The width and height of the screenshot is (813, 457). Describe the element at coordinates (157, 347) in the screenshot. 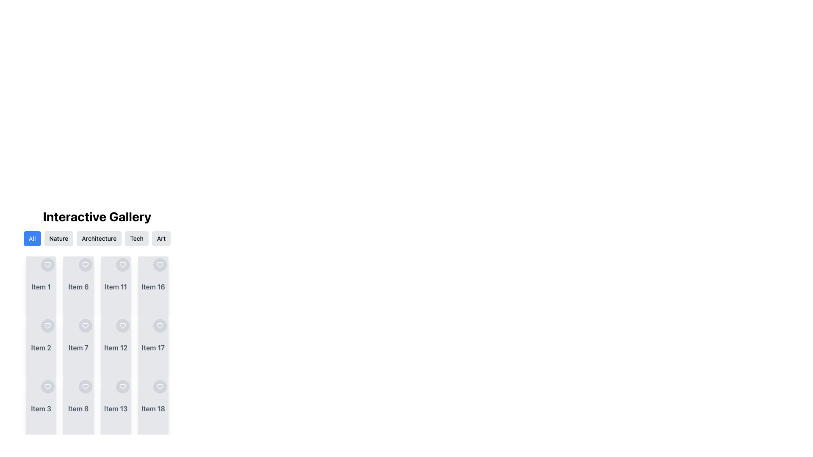

I see `the label located within a blue rectangular button with rounded edges at the bottom of a card in the fourth column of the grid layout` at that location.